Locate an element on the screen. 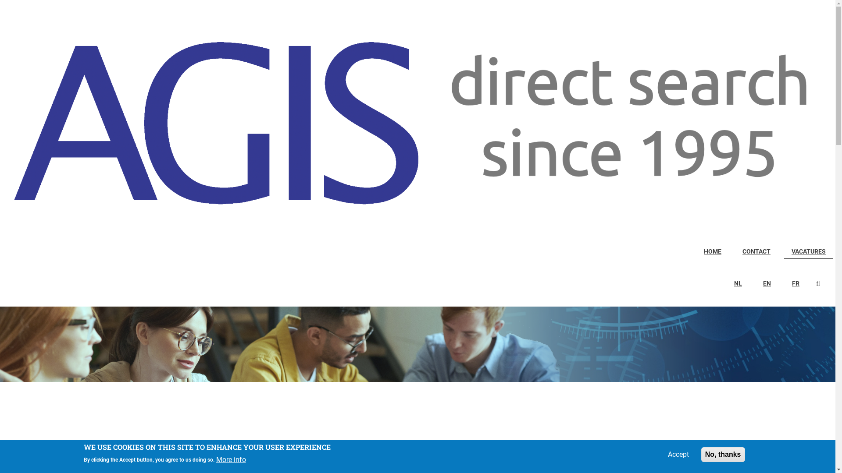  'EN' is located at coordinates (766, 284).